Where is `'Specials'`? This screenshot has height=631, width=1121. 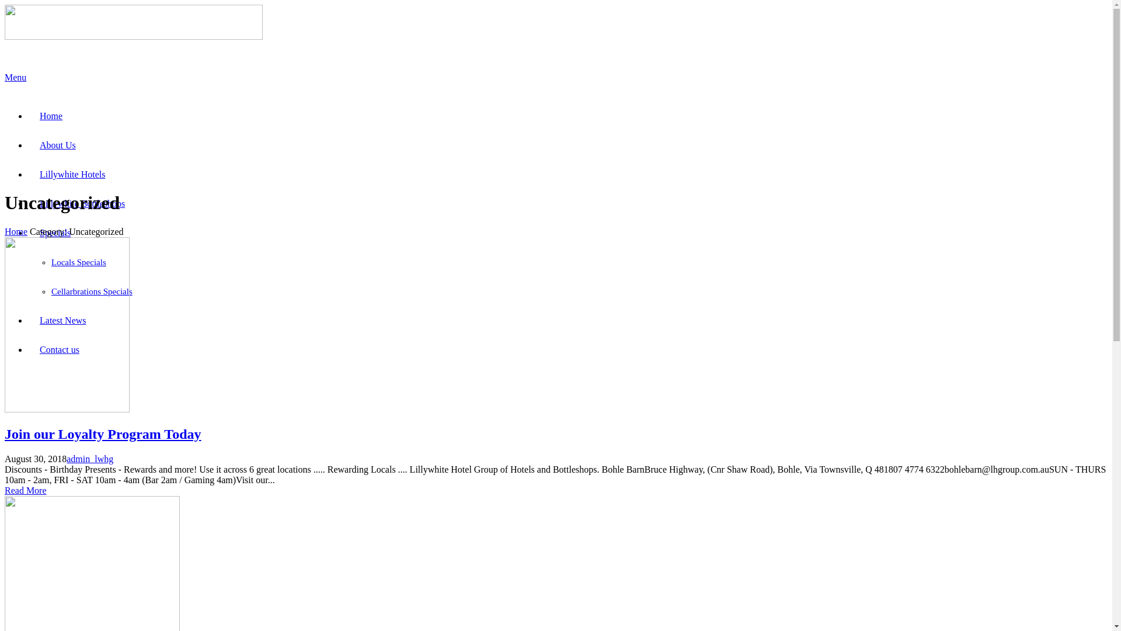 'Specials' is located at coordinates (28, 233).